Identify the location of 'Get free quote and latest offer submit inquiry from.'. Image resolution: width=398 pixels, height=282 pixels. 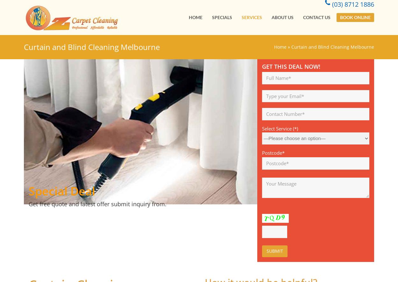
(28, 203).